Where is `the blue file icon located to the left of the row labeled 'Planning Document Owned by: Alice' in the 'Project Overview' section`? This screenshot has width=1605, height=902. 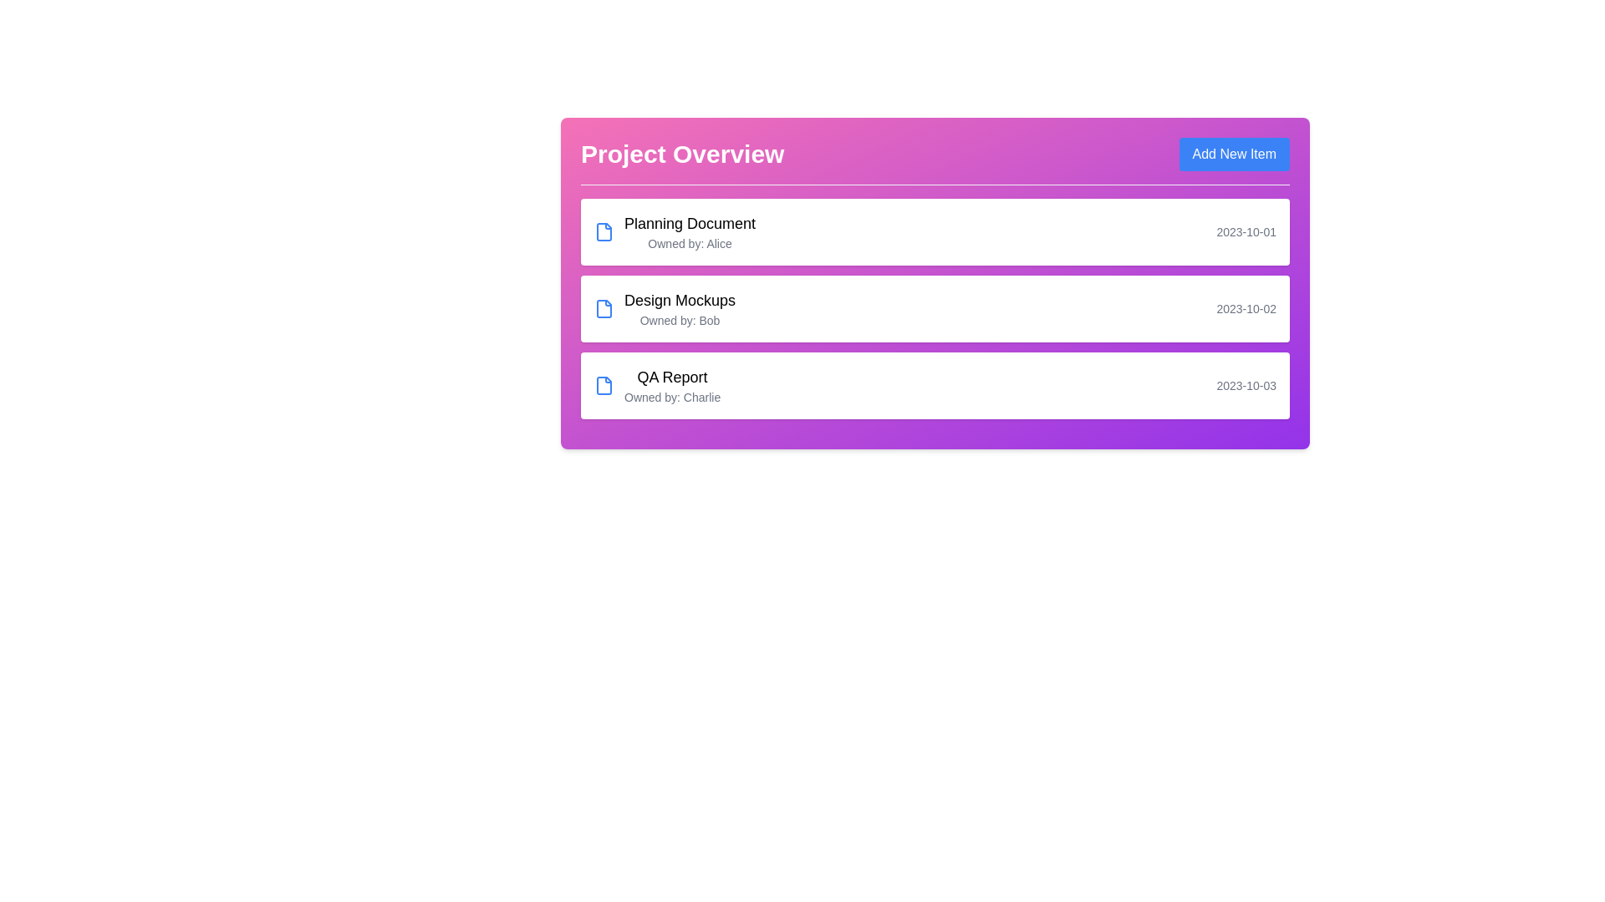
the blue file icon located to the left of the row labeled 'Planning Document Owned by: Alice' in the 'Project Overview' section is located at coordinates (604, 231).